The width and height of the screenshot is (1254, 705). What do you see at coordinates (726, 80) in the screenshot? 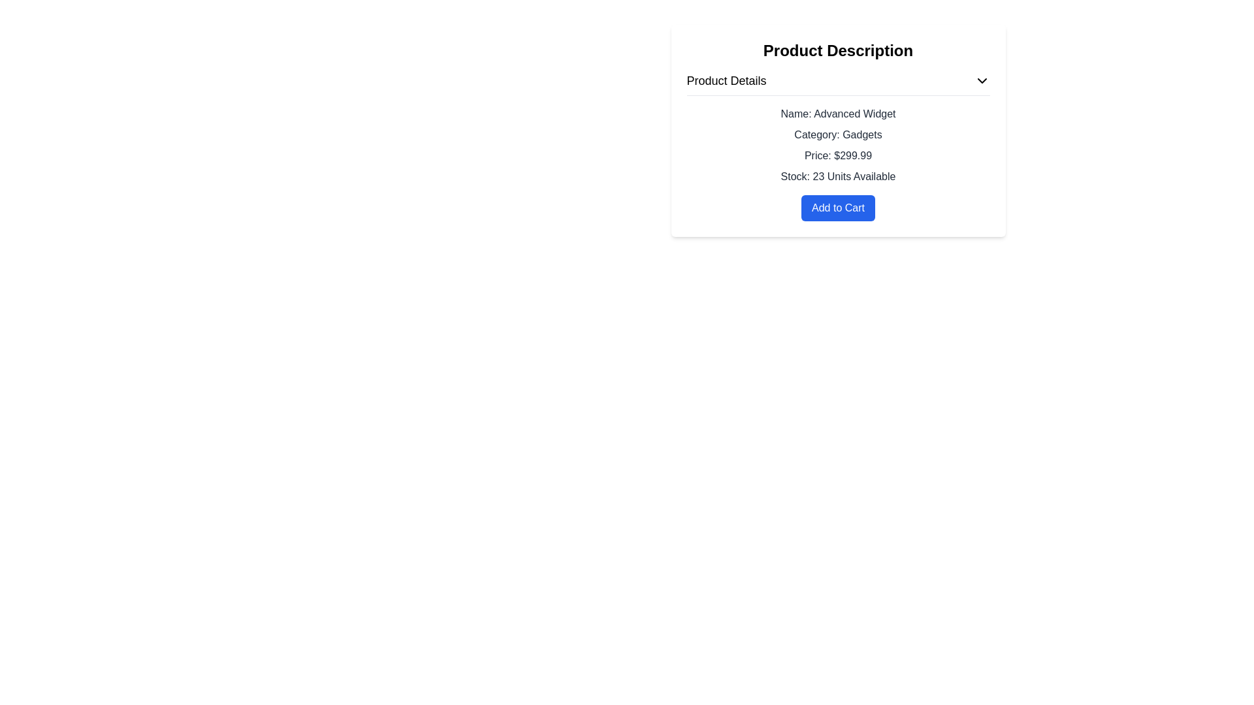
I see `the text label that reads 'Product Details', which is styled with medium bold font and aligned to the left, located under the 'Product Description' header` at bounding box center [726, 80].